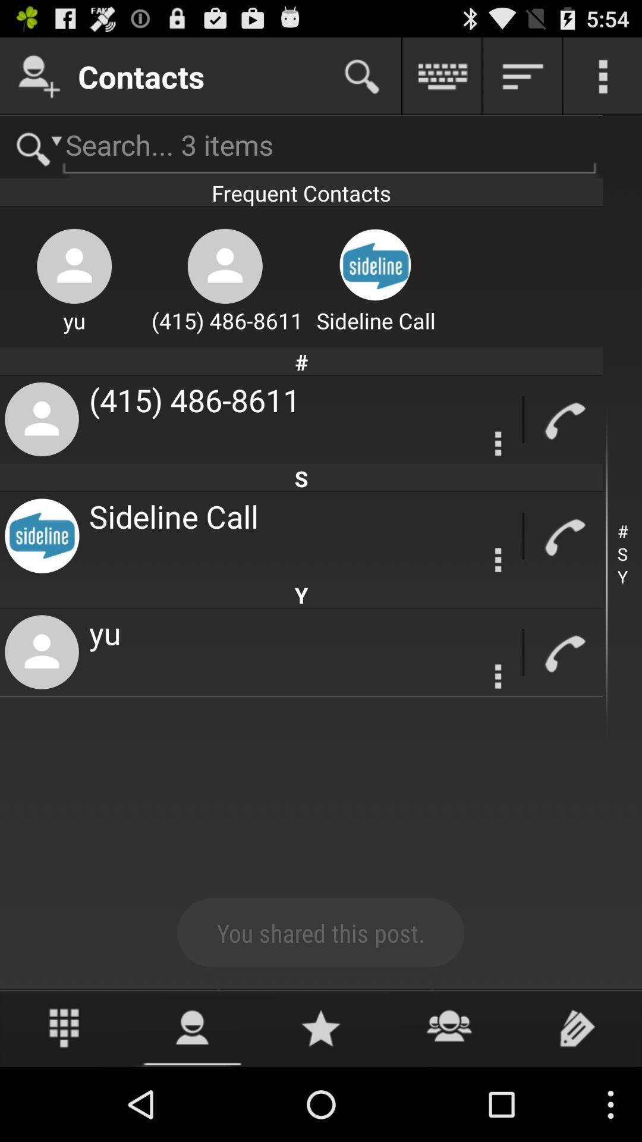  Describe the element at coordinates (192, 1099) in the screenshot. I see `the avatar icon` at that location.